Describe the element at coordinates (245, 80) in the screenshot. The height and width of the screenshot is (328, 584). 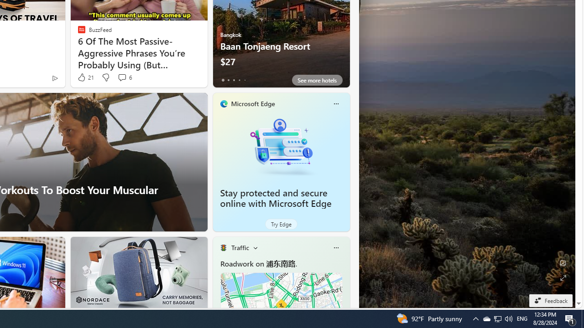
I see `'tab-4'` at that location.